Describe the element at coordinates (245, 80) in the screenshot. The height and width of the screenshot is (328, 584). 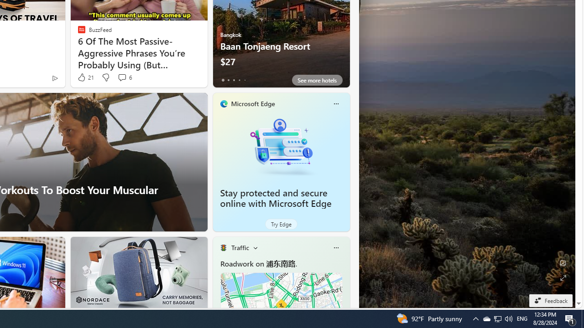
I see `'tab-4'` at that location.